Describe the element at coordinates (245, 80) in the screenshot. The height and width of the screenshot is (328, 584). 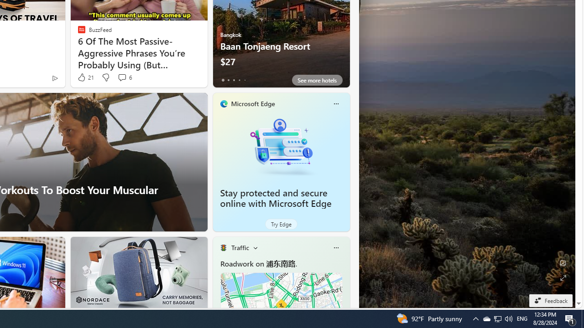
I see `'tab-4'` at that location.